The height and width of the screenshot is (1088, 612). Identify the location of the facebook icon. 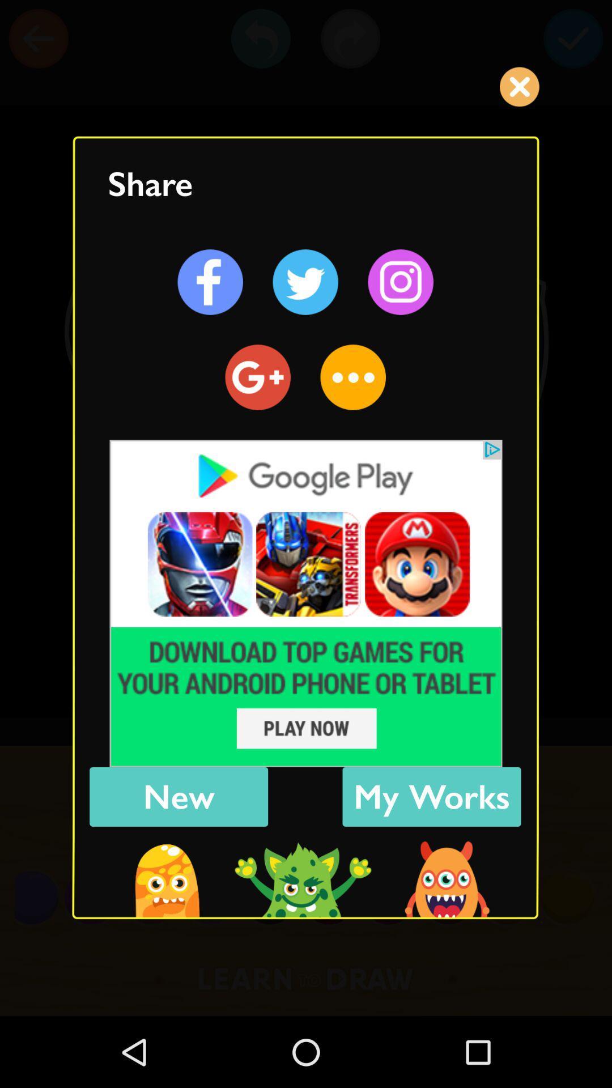
(210, 282).